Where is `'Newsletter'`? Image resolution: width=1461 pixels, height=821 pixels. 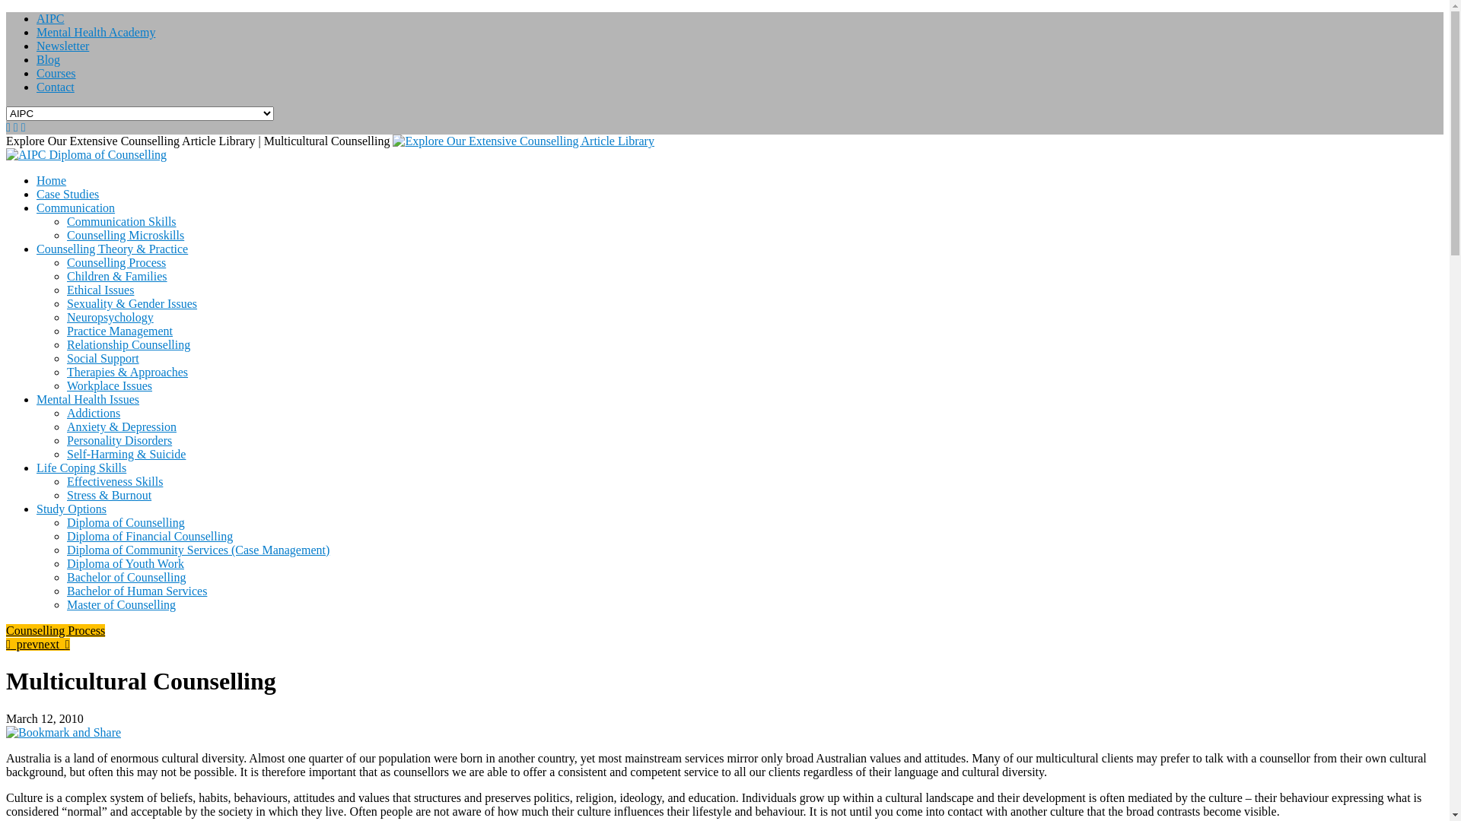 'Newsletter' is located at coordinates (62, 45).